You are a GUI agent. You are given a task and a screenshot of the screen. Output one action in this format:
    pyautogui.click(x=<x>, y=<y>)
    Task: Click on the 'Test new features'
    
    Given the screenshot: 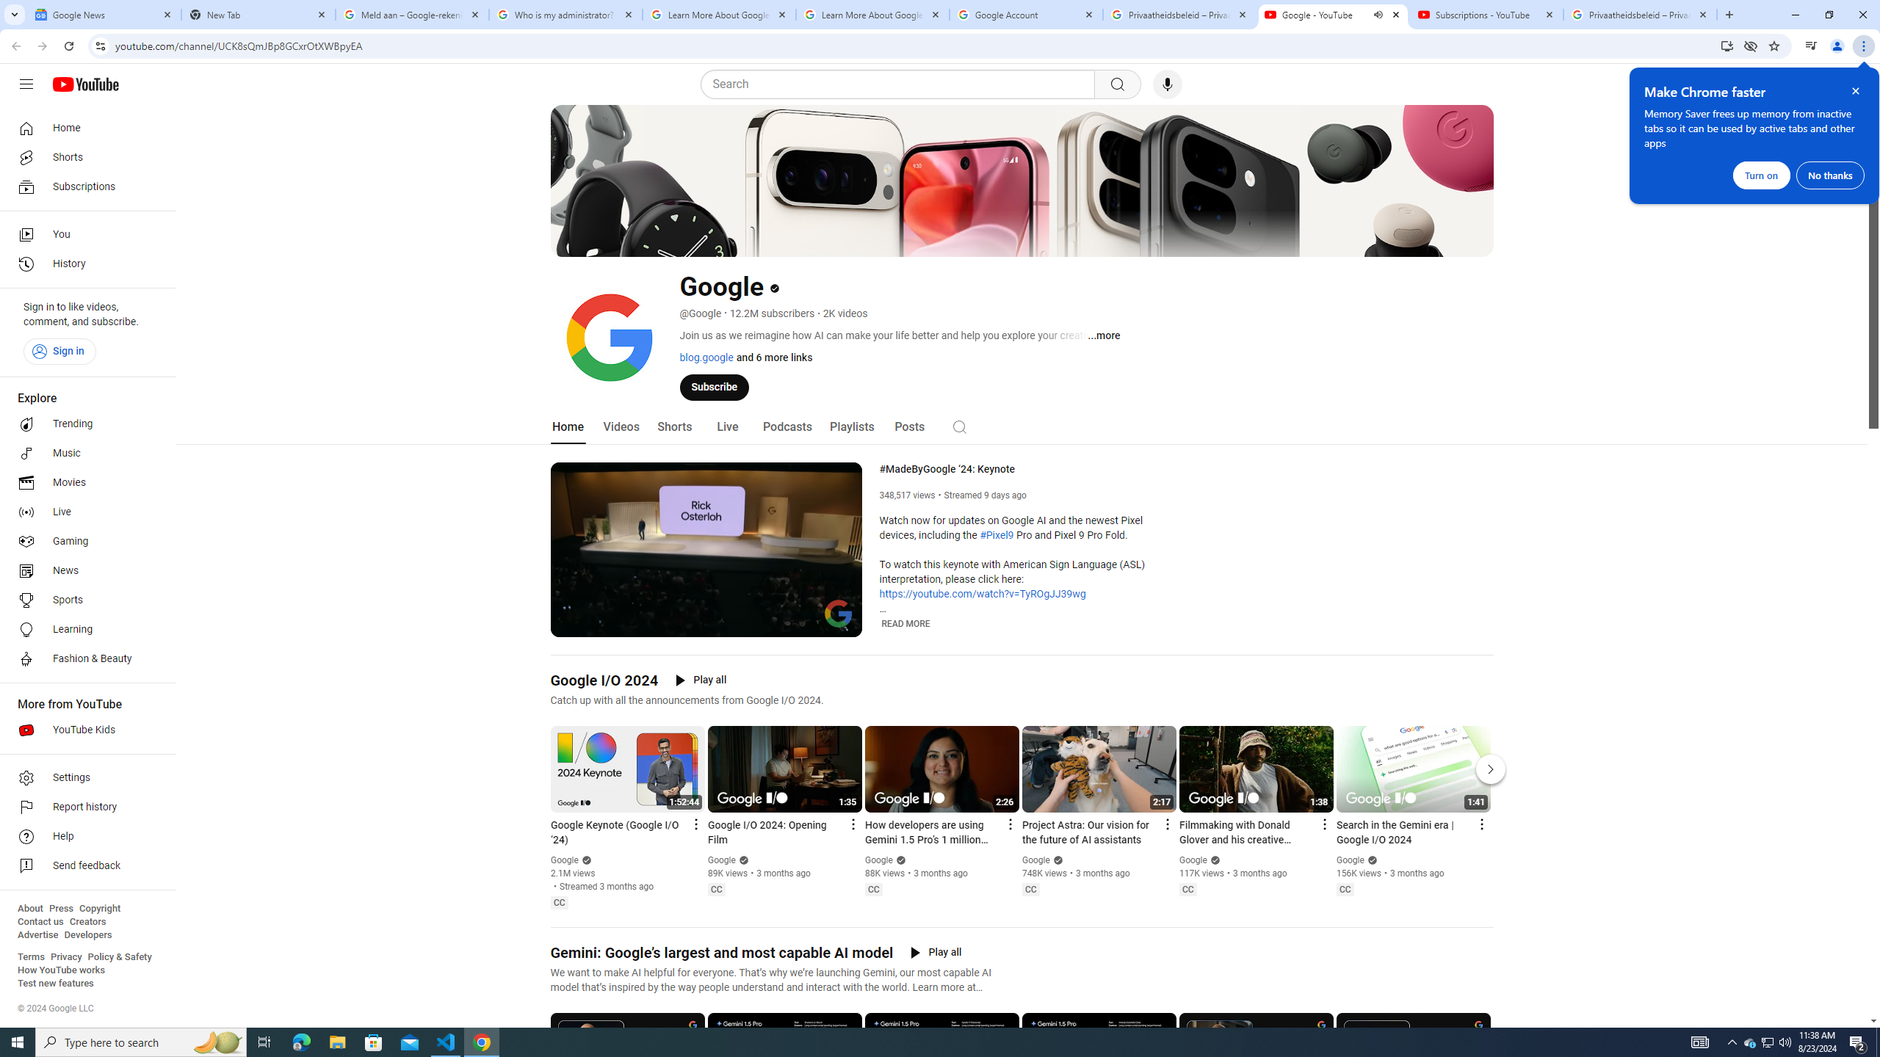 What is the action you would take?
    pyautogui.click(x=54, y=982)
    